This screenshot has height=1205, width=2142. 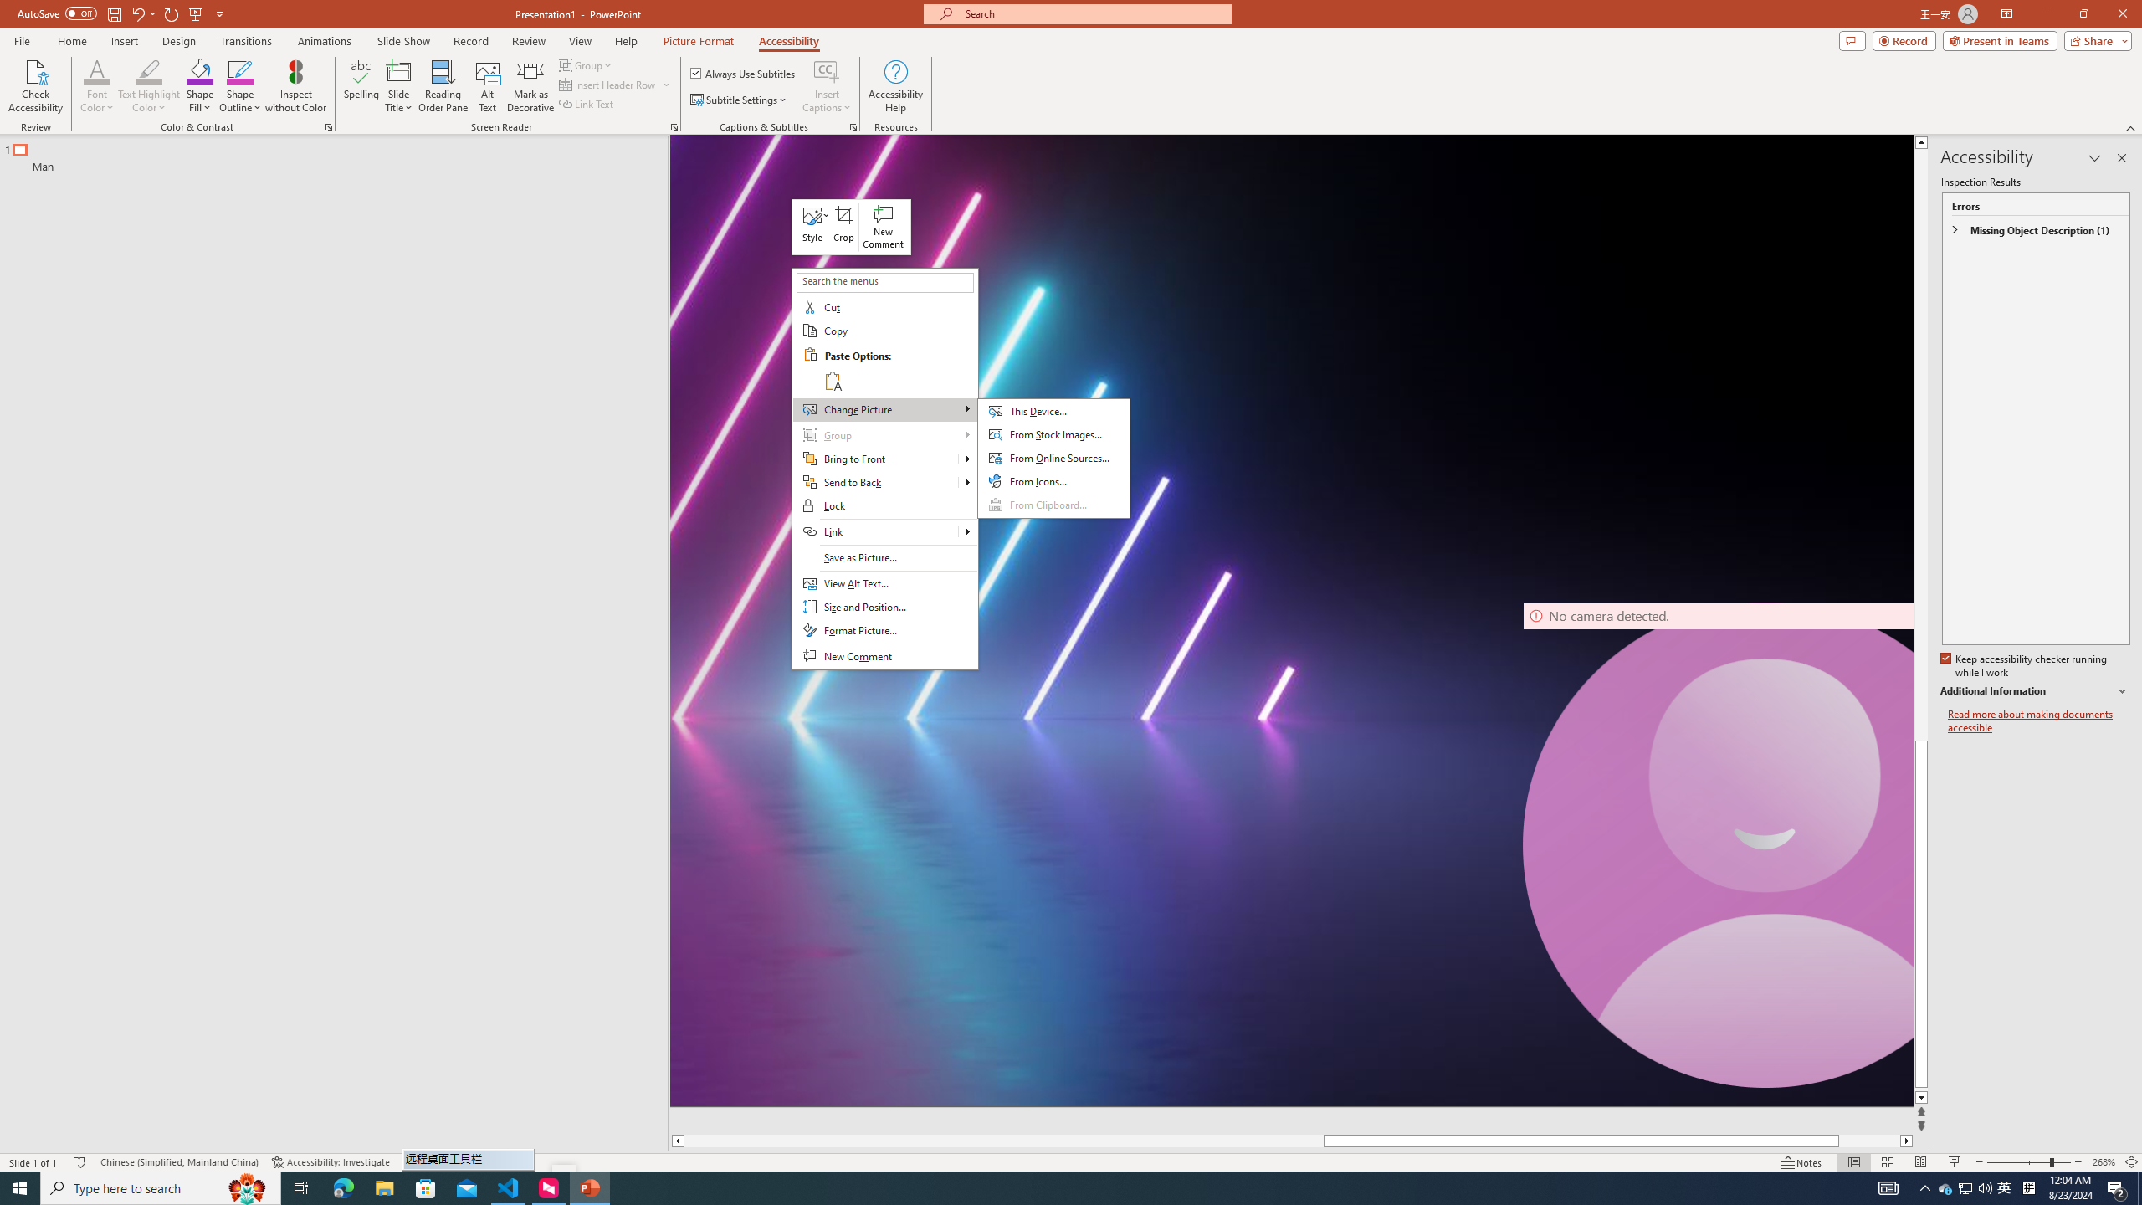 I want to click on 'From Icons...', so click(x=1053, y=481).